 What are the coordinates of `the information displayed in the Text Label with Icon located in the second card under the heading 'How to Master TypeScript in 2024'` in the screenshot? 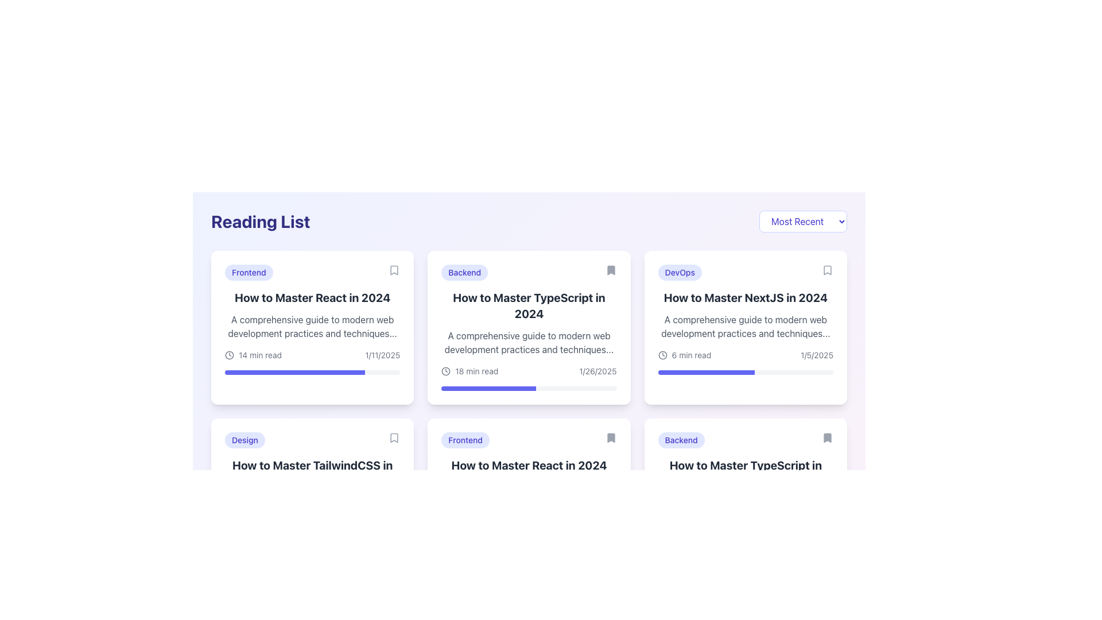 It's located at (469, 371).